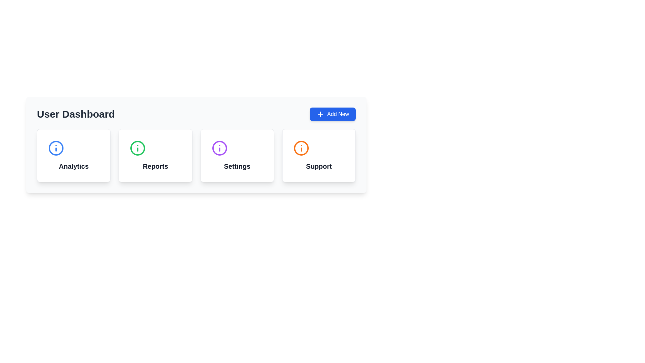  I want to click on the 'Add New' button located at the top-right corner of the User Dashboard, which has a blue background and white text with an addition icon on the left, so click(333, 114).